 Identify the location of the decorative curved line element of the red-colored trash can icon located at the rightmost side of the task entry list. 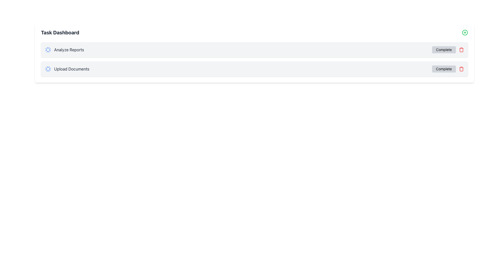
(461, 50).